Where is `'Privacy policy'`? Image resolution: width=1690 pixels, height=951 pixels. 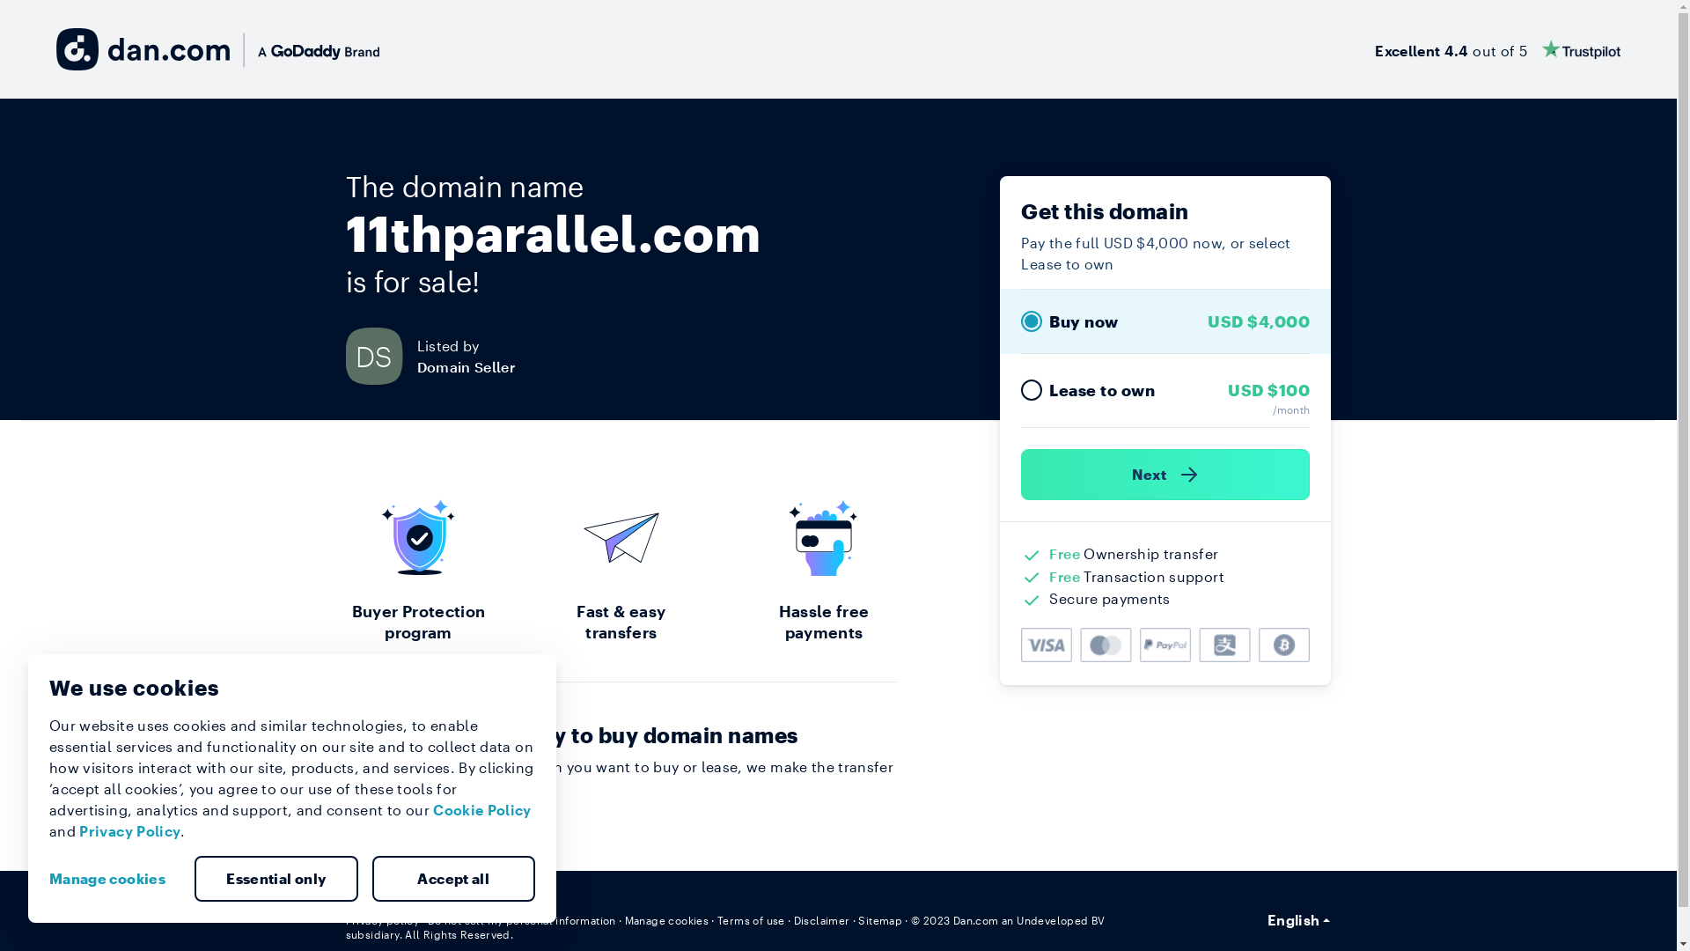 'Privacy policy' is located at coordinates (380, 919).